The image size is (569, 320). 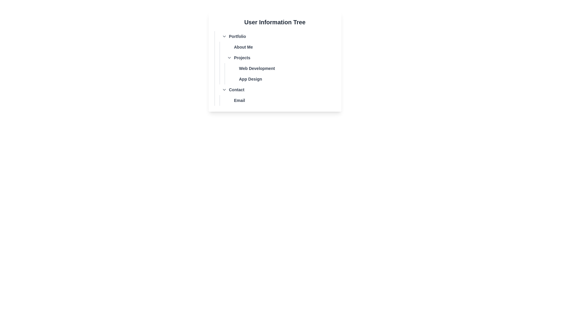 I want to click on the interactive control that navigates to or expands the 'Contact' section, located below 'App Design' and above 'Email', so click(x=277, y=90).